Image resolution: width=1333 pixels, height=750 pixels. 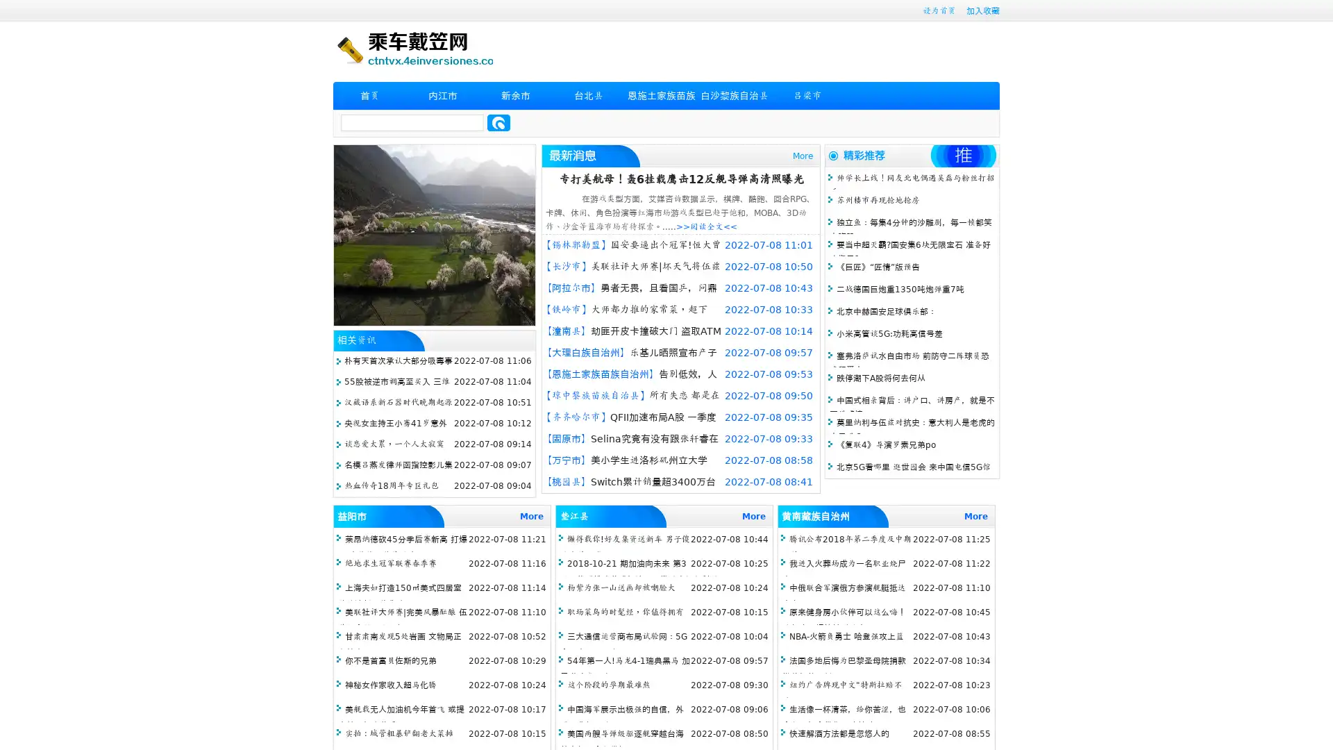 I want to click on Search, so click(x=498, y=122).